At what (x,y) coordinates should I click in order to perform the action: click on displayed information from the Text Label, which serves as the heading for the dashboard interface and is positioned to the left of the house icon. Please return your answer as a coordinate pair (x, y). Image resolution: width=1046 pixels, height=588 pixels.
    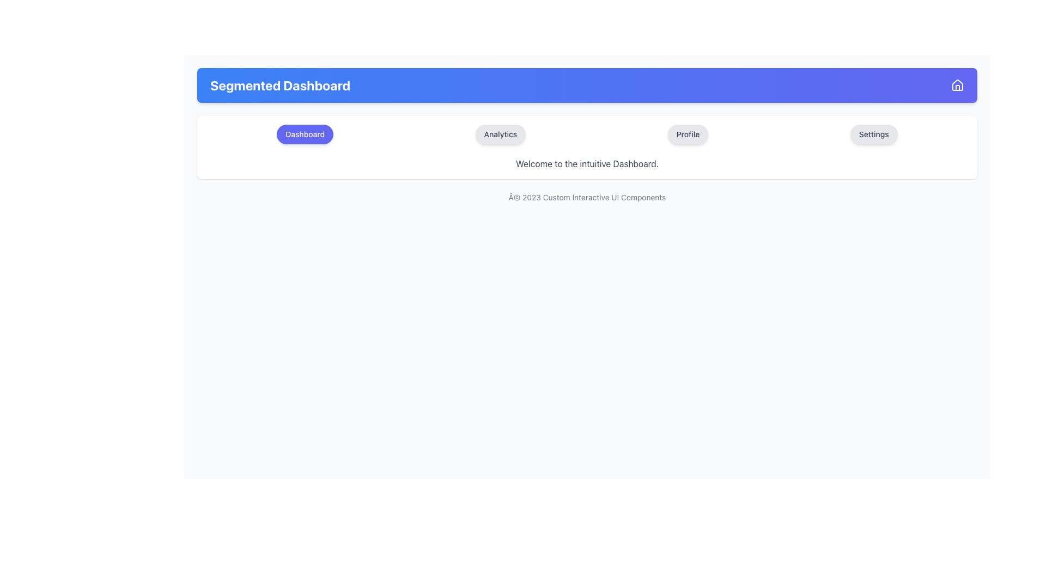
    Looking at the image, I should click on (280, 85).